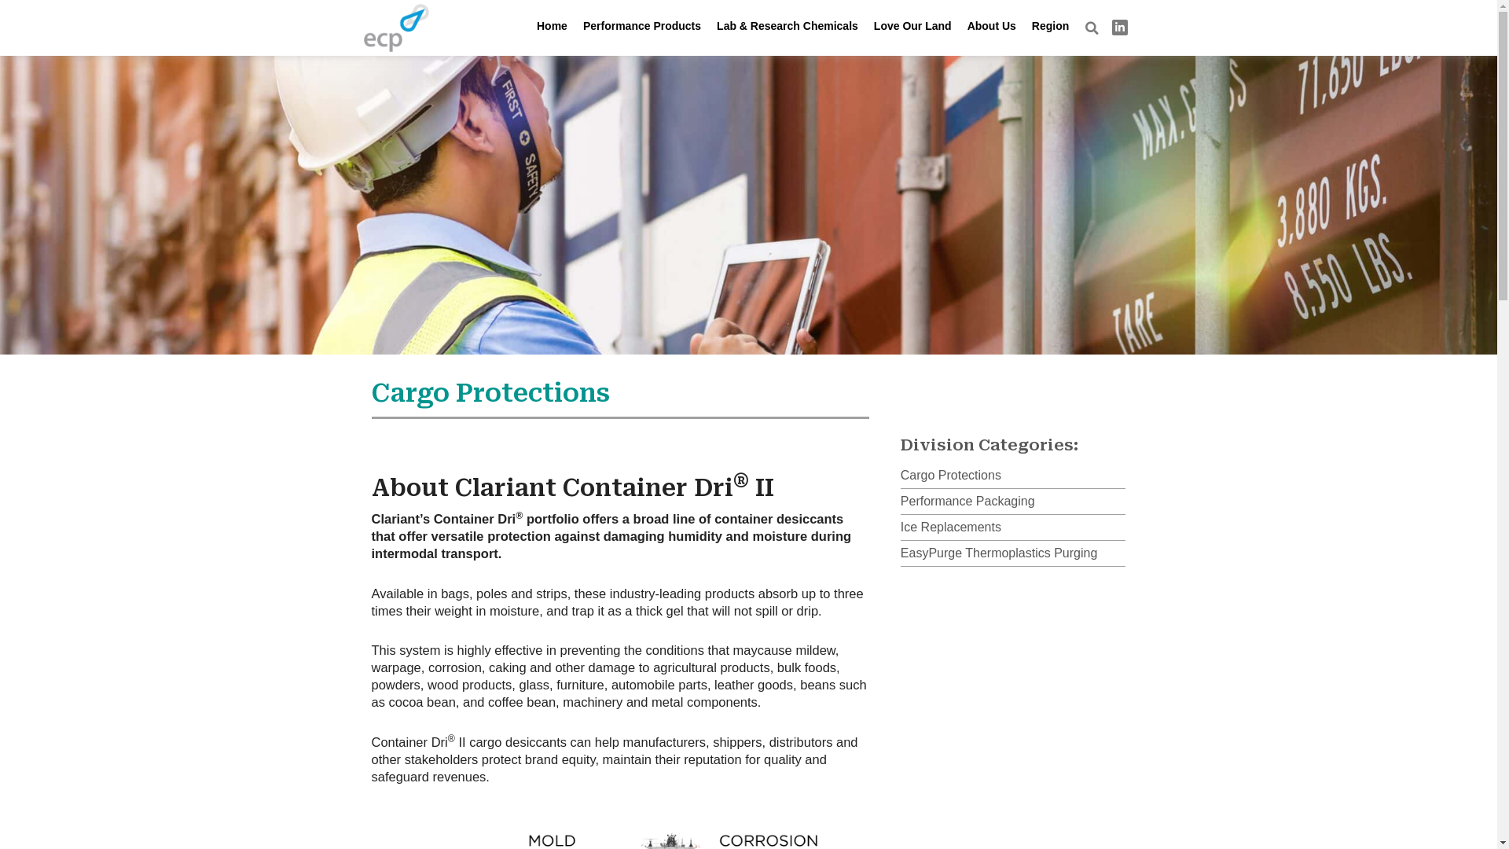 This screenshot has height=849, width=1509. What do you see at coordinates (1050, 28) in the screenshot?
I see `'Region'` at bounding box center [1050, 28].